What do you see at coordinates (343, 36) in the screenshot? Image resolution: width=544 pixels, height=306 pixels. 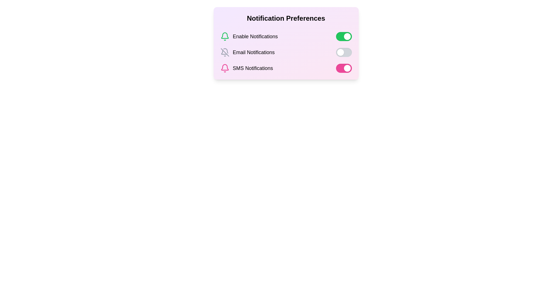 I see `the toggle switch for 'Enable Notifications', which is a rounded rectangular toggle with a green background and a white circular handle` at bounding box center [343, 36].